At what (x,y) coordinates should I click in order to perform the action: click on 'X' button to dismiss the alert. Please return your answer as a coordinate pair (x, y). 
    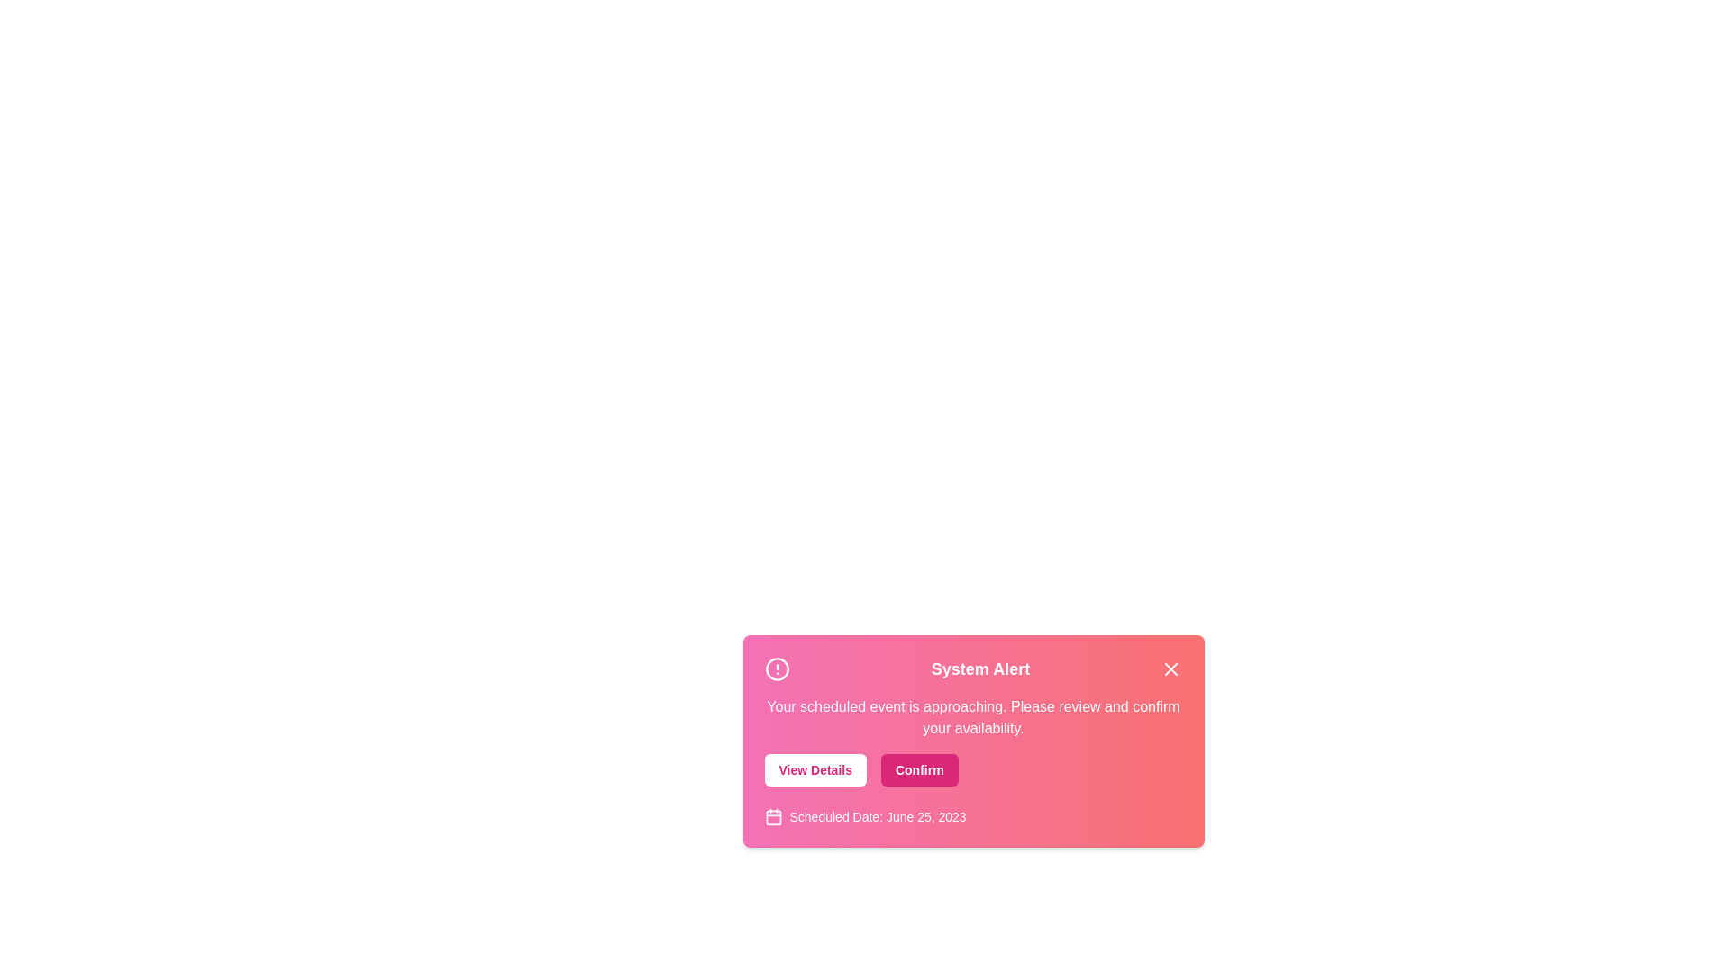
    Looking at the image, I should click on (1171, 669).